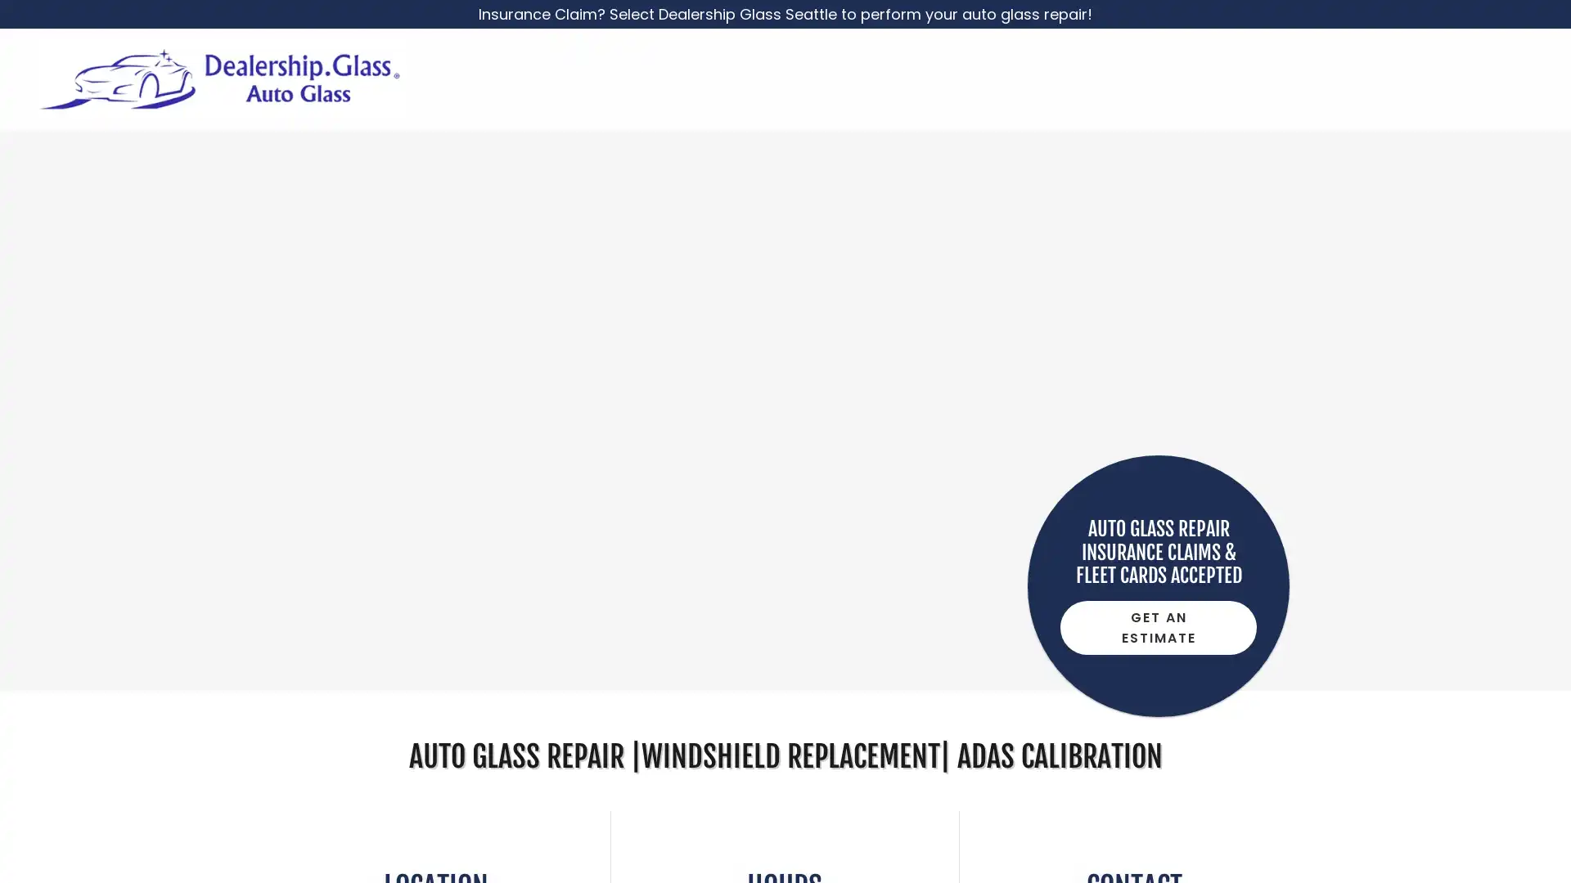 This screenshot has height=883, width=1571. What do you see at coordinates (1528, 841) in the screenshot?
I see `Chat widget toggle` at bounding box center [1528, 841].